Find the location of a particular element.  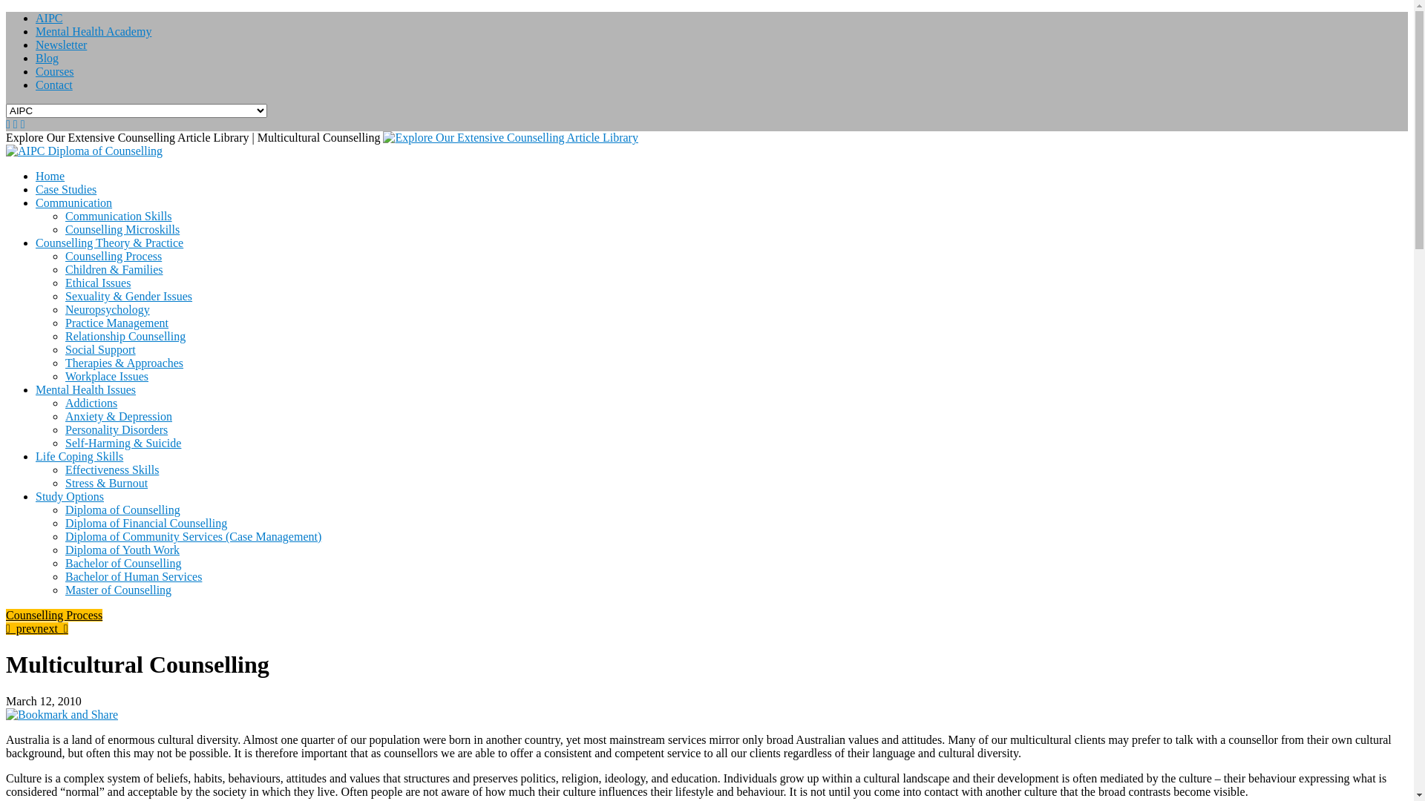

'Master of Counselling' is located at coordinates (117, 589).